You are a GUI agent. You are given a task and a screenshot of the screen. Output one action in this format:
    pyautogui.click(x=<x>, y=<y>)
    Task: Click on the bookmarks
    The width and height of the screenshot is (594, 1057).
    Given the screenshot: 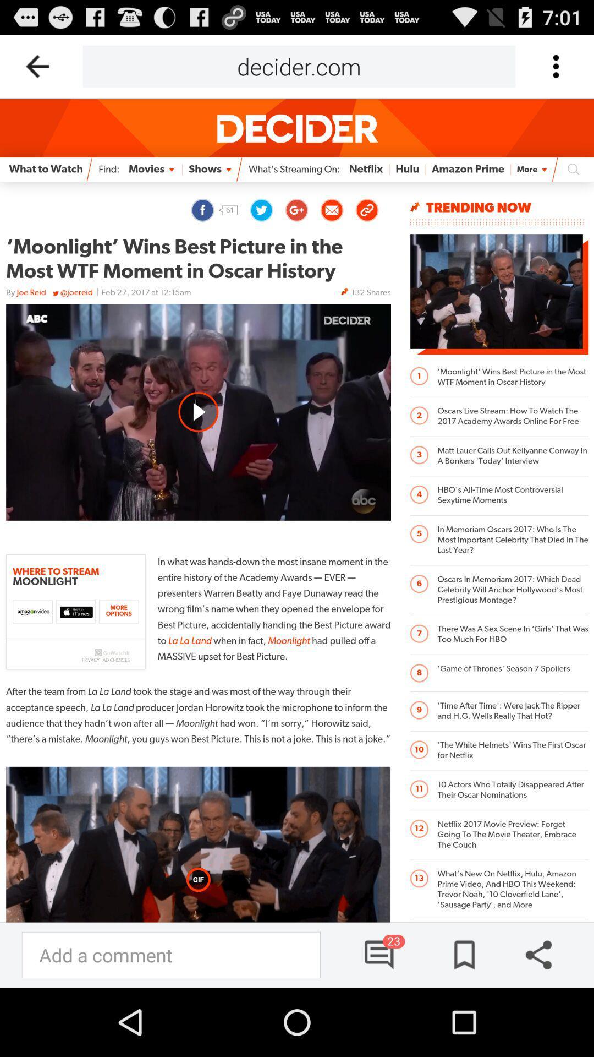 What is the action you would take?
    pyautogui.click(x=460, y=954)
    